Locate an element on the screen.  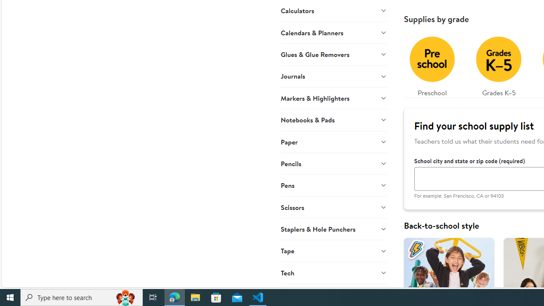
'Preschool' is located at coordinates (432, 64).